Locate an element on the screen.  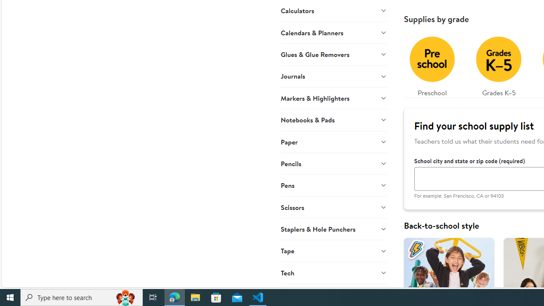
'Preschool' is located at coordinates (432, 64).